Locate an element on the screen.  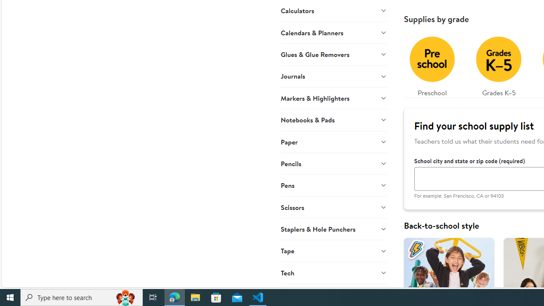
'Preschool' is located at coordinates (432, 64).